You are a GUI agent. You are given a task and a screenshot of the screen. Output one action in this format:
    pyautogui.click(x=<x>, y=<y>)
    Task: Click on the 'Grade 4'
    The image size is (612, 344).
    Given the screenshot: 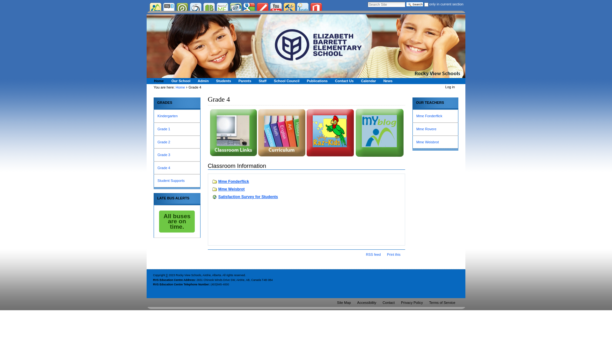 What is the action you would take?
    pyautogui.click(x=177, y=168)
    